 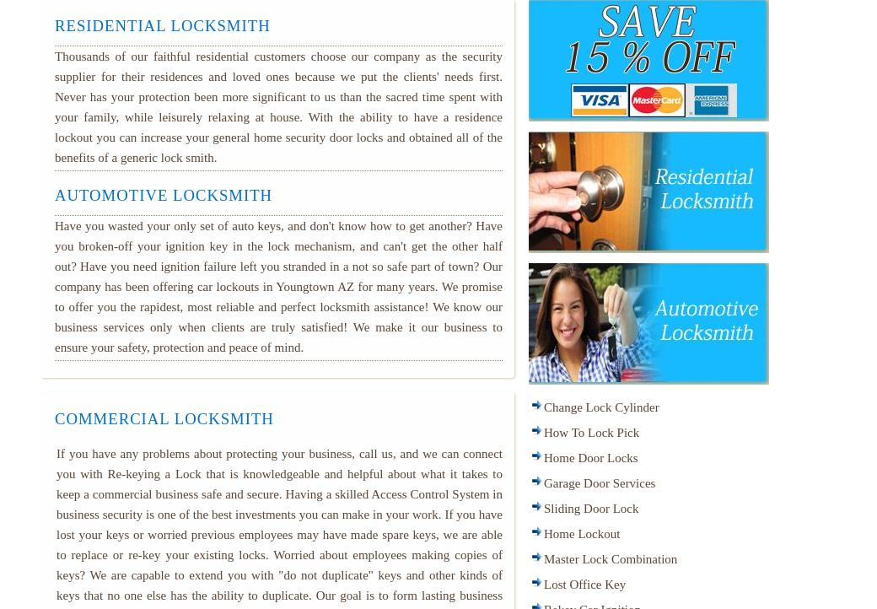 What do you see at coordinates (590, 509) in the screenshot?
I see `'Sliding Door Lock'` at bounding box center [590, 509].